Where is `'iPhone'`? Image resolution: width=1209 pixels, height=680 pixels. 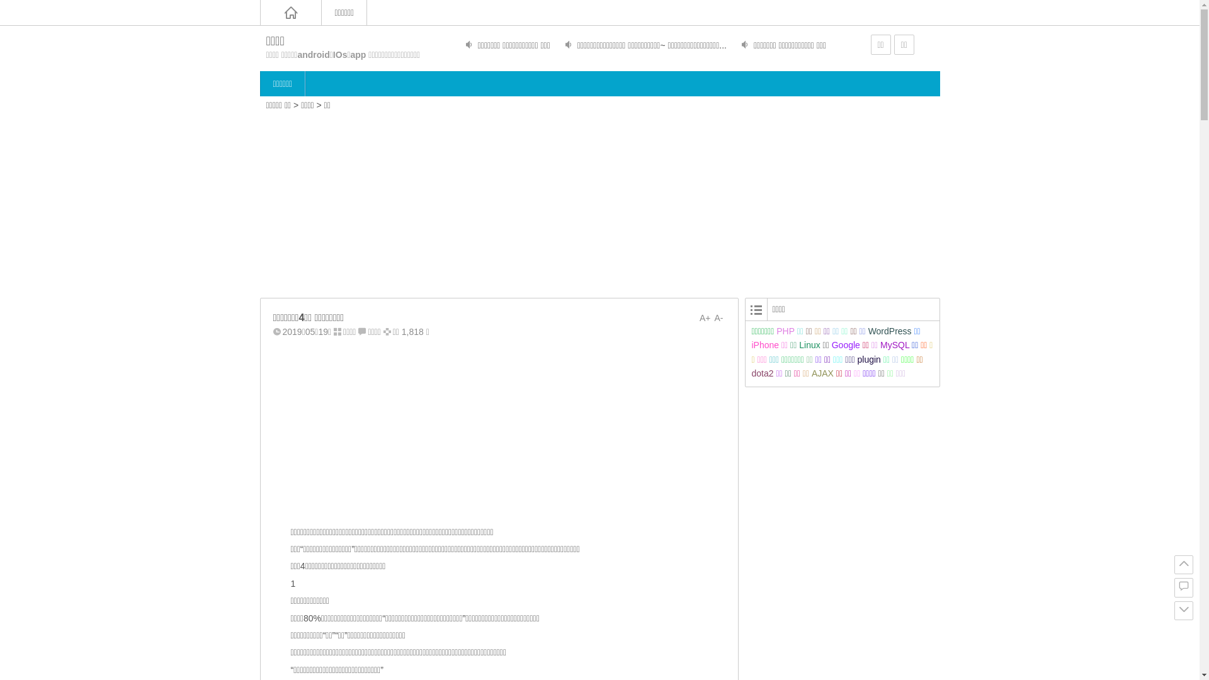 'iPhone' is located at coordinates (752, 344).